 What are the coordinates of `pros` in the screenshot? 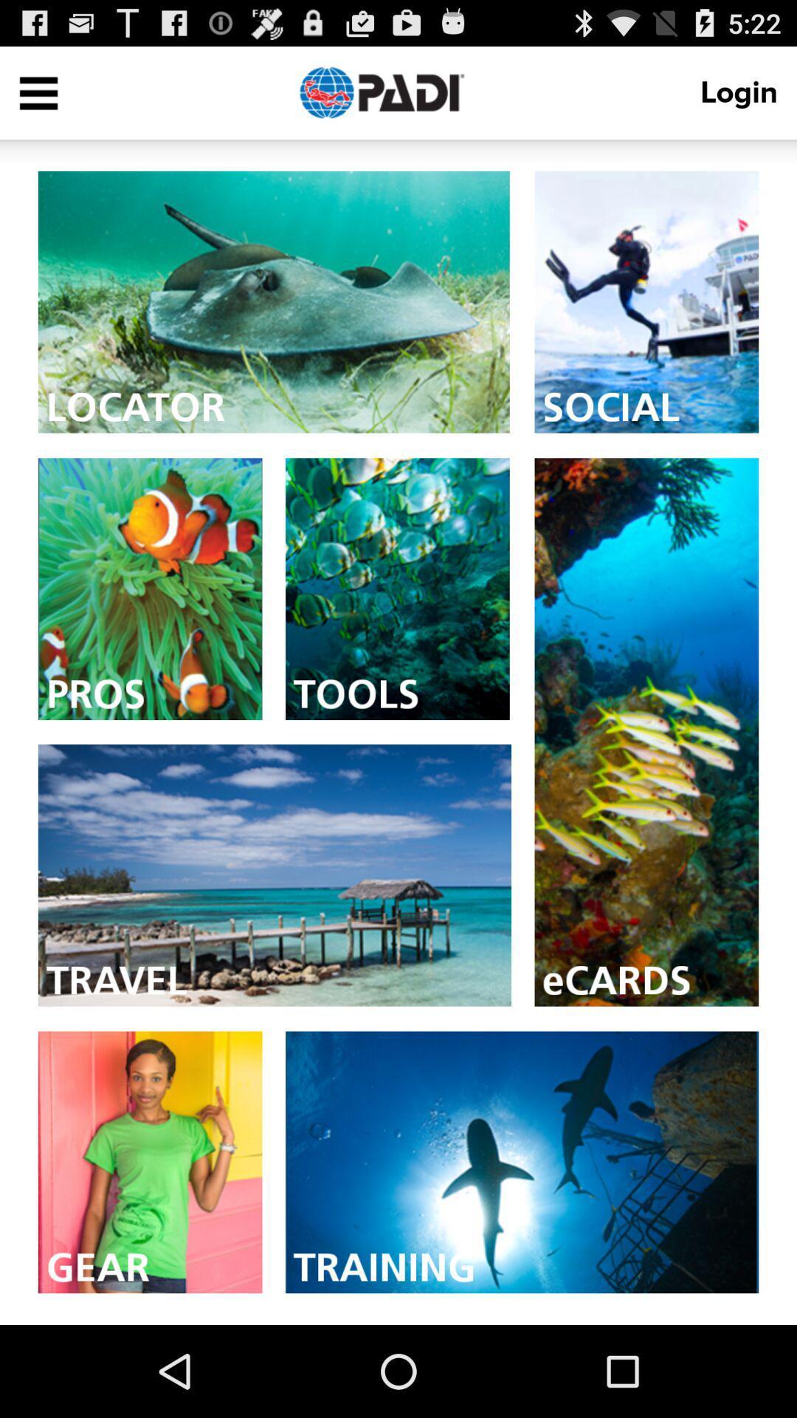 It's located at (150, 588).